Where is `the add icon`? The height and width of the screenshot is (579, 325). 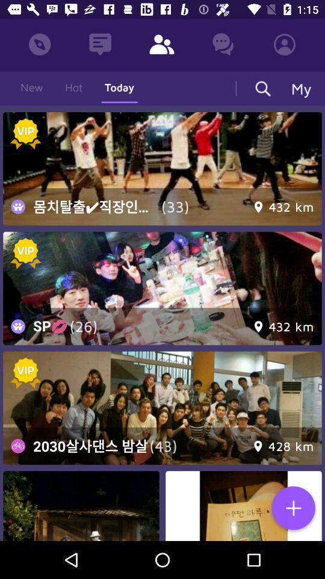 the add icon is located at coordinates (292, 508).